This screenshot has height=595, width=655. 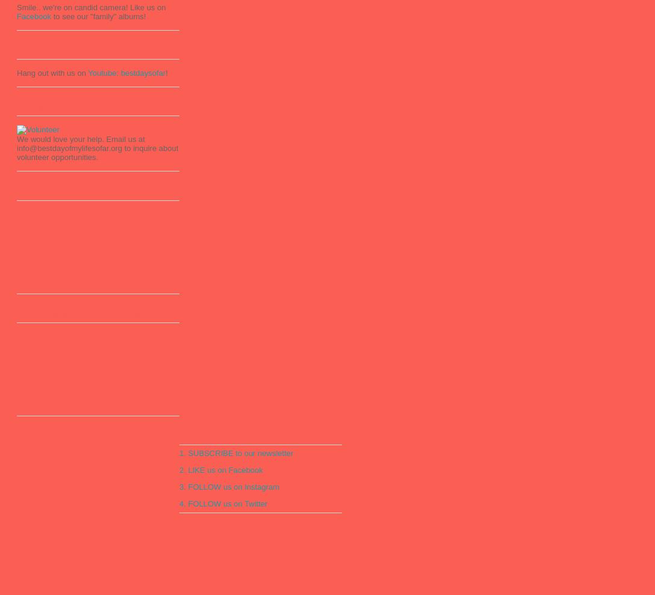 What do you see at coordinates (179, 486) in the screenshot?
I see `'3. FOLLOW us on Instagram'` at bounding box center [179, 486].